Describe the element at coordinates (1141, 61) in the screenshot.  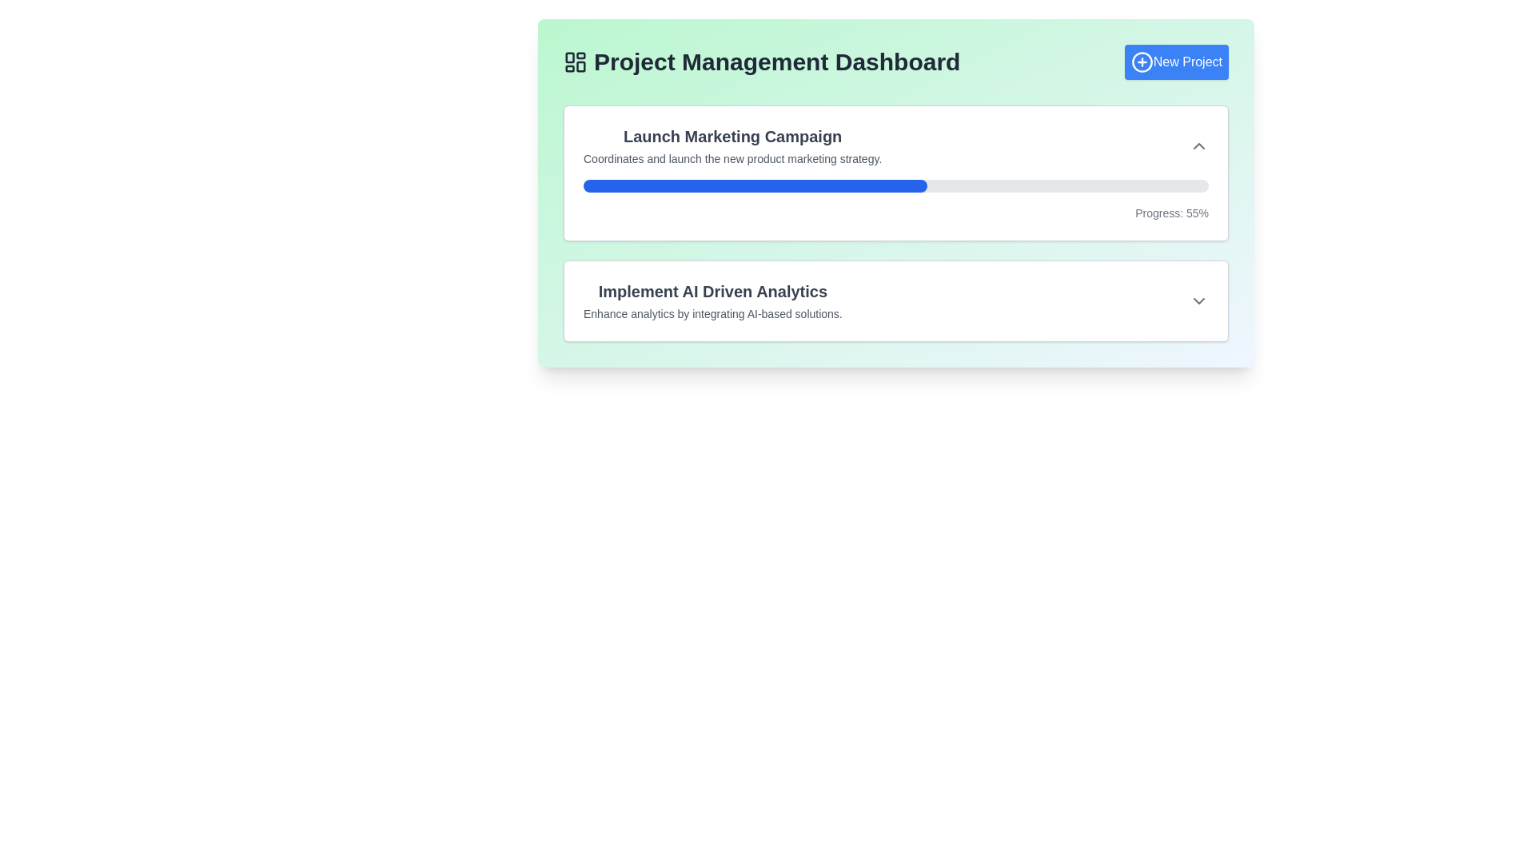
I see `the icon representing the action of creating a new project, located in the top-right corner next to the 'New Project' text` at that location.